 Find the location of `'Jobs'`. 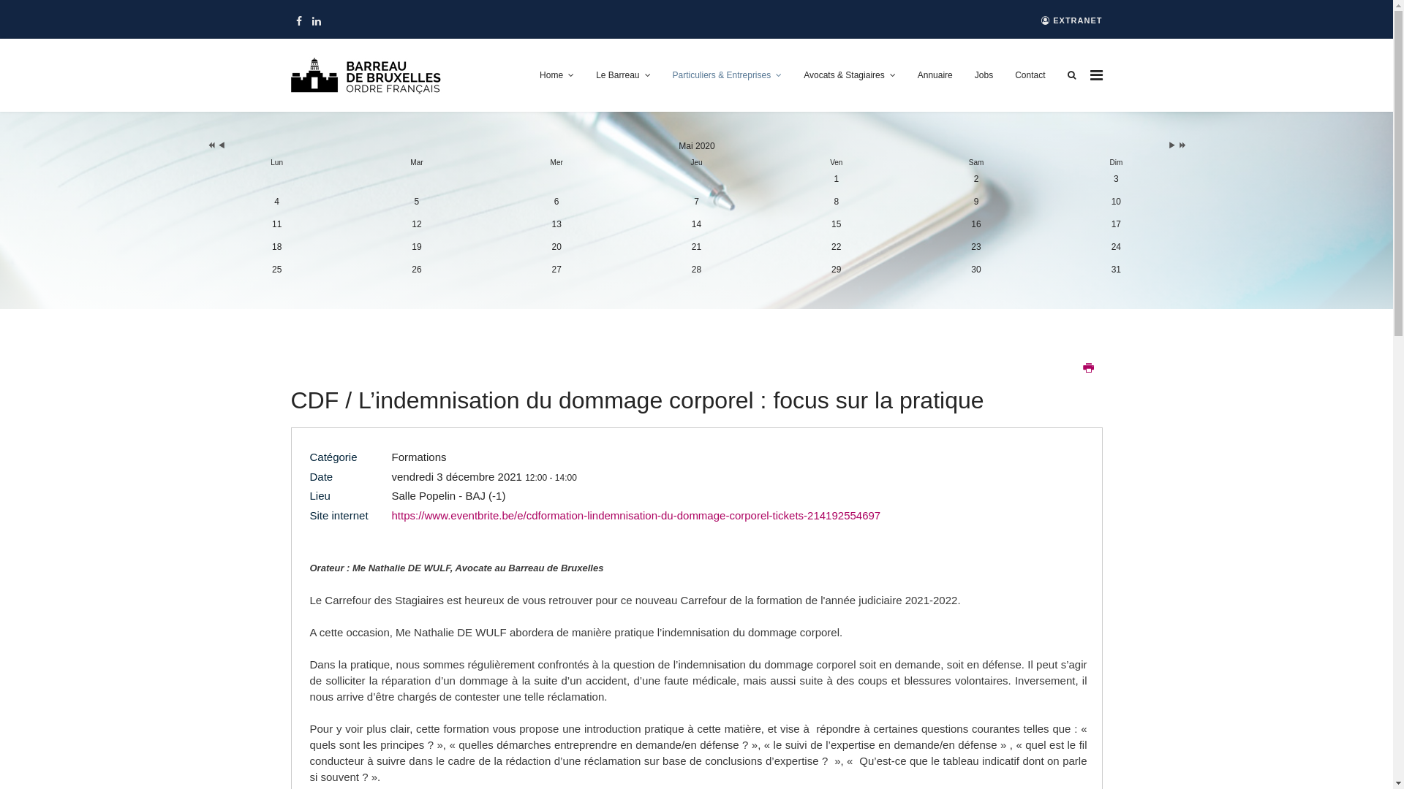

'Jobs' is located at coordinates (984, 75).